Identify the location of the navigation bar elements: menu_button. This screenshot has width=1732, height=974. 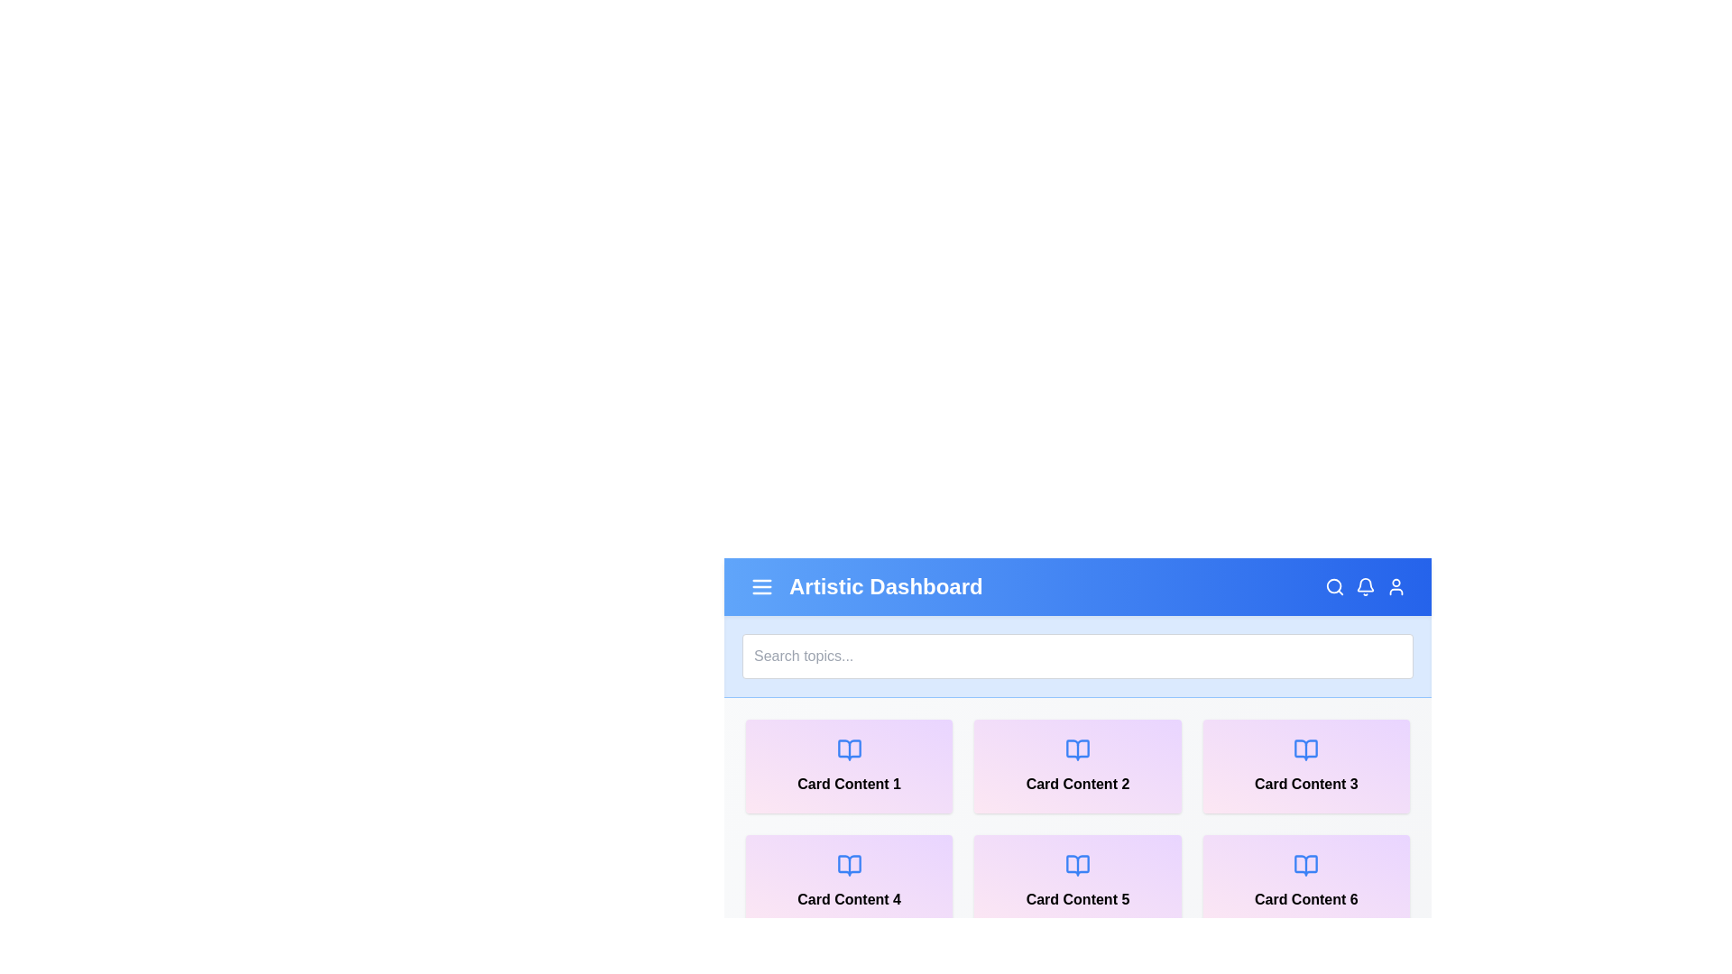
(761, 587).